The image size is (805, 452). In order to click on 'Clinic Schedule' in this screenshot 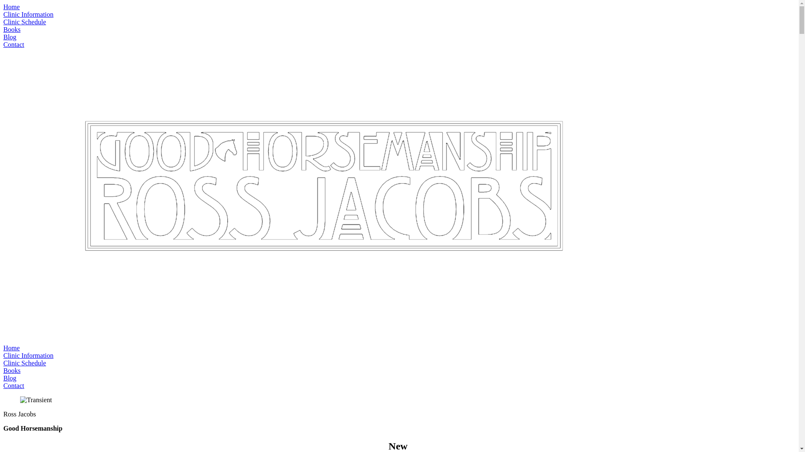, I will do `click(24, 21)`.